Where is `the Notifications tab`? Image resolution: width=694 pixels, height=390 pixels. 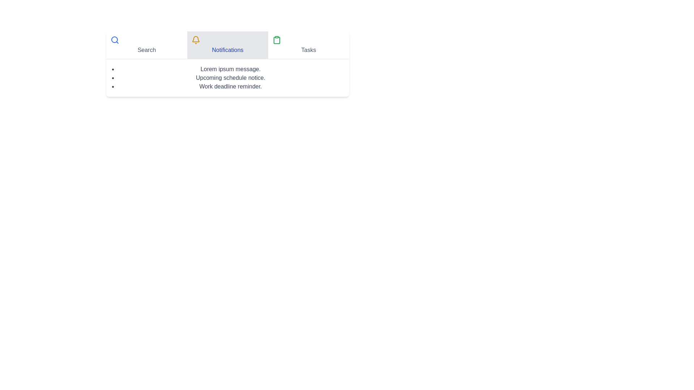 the Notifications tab is located at coordinates (227, 45).